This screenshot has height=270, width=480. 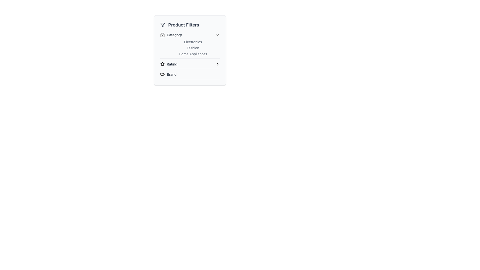 What do you see at coordinates (189, 50) in the screenshot?
I see `the second entry in the 'Category' section of the product filter panel to apply the 'Fashion' filter` at bounding box center [189, 50].